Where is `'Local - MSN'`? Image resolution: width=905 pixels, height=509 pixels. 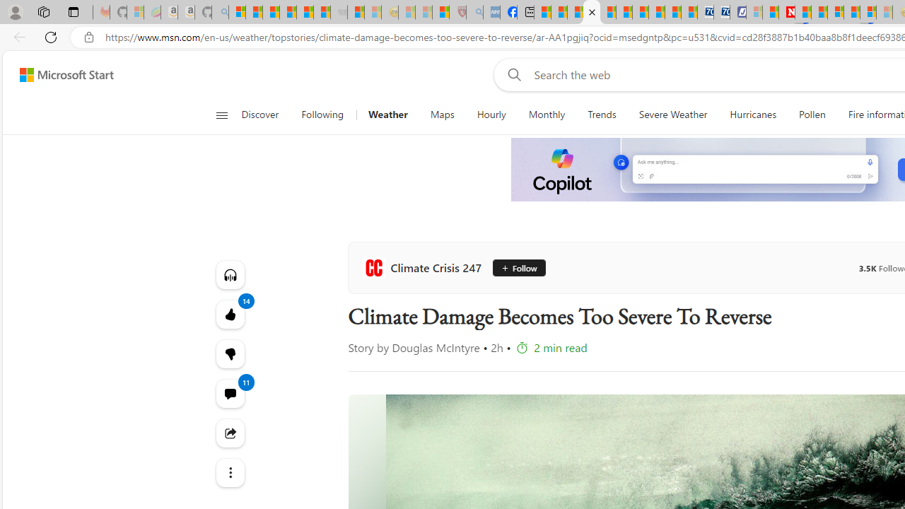 'Local - MSN' is located at coordinates (440, 12).